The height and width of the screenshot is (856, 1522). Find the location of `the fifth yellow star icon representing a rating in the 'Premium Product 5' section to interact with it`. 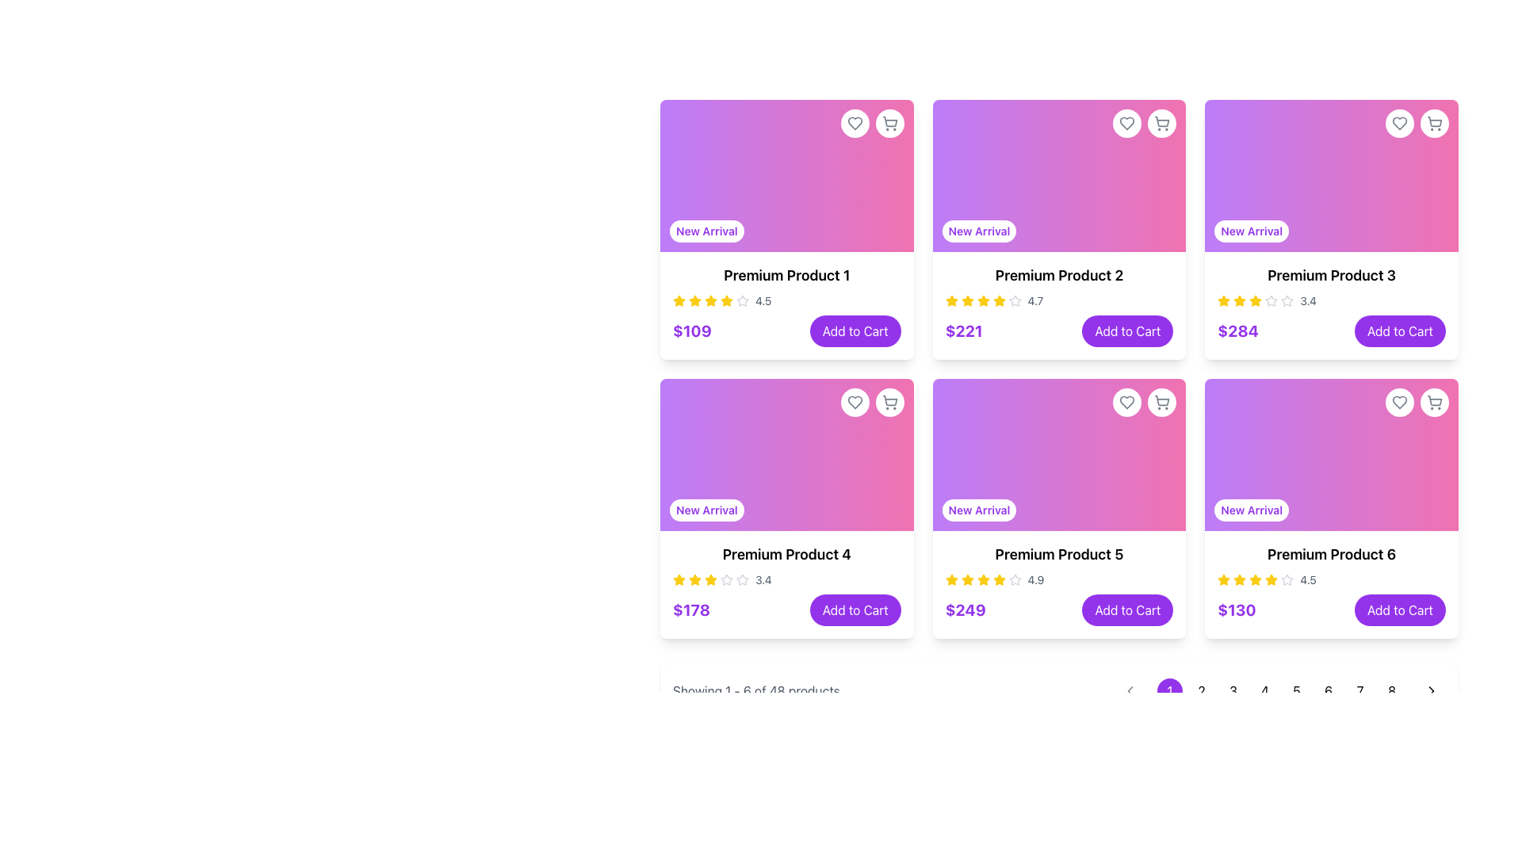

the fifth yellow star icon representing a rating in the 'Premium Product 5' section to interact with it is located at coordinates (997, 580).